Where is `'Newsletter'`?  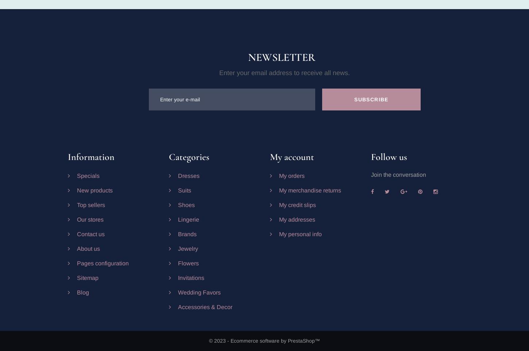
'Newsletter' is located at coordinates (281, 57).